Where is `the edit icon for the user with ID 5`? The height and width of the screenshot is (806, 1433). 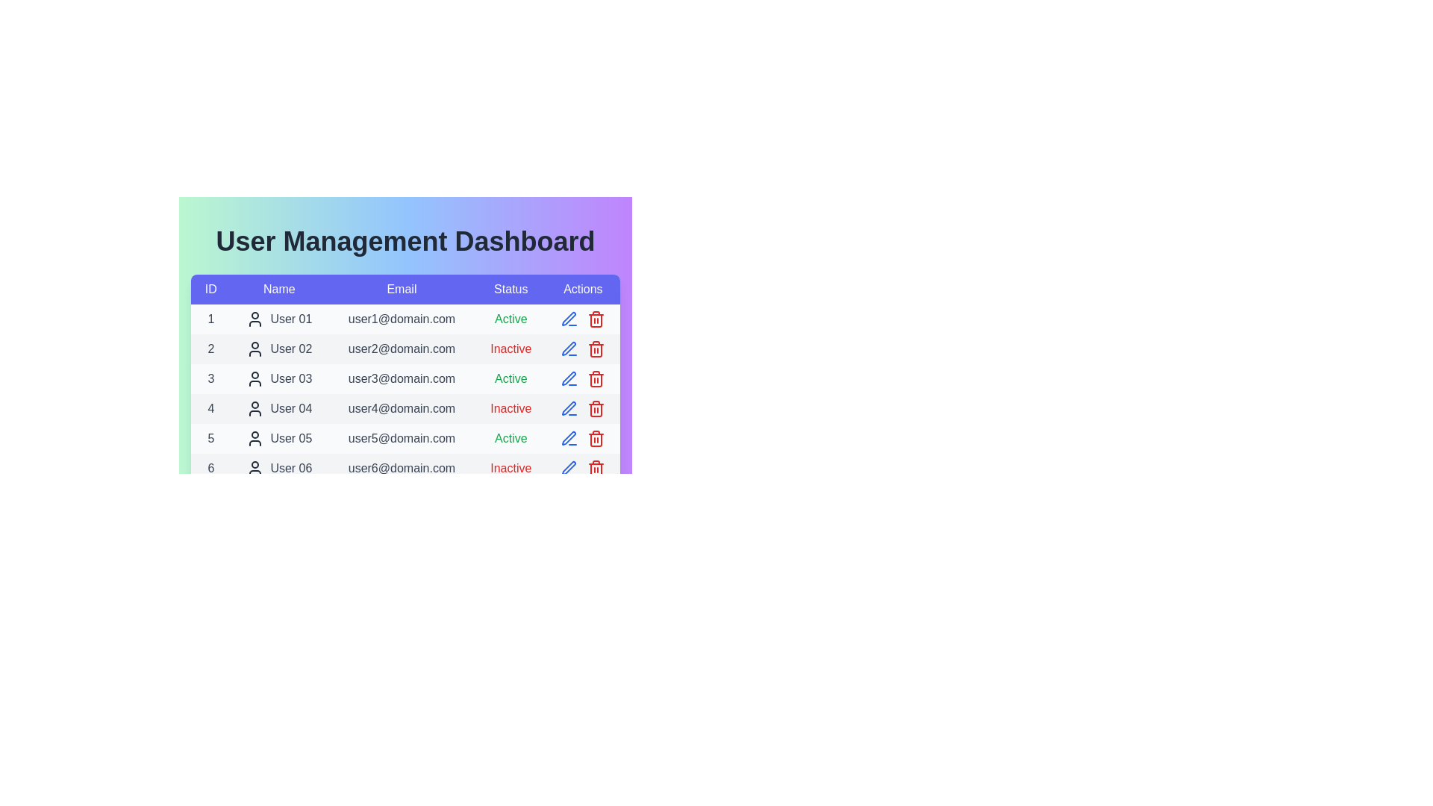
the edit icon for the user with ID 5 is located at coordinates (569, 437).